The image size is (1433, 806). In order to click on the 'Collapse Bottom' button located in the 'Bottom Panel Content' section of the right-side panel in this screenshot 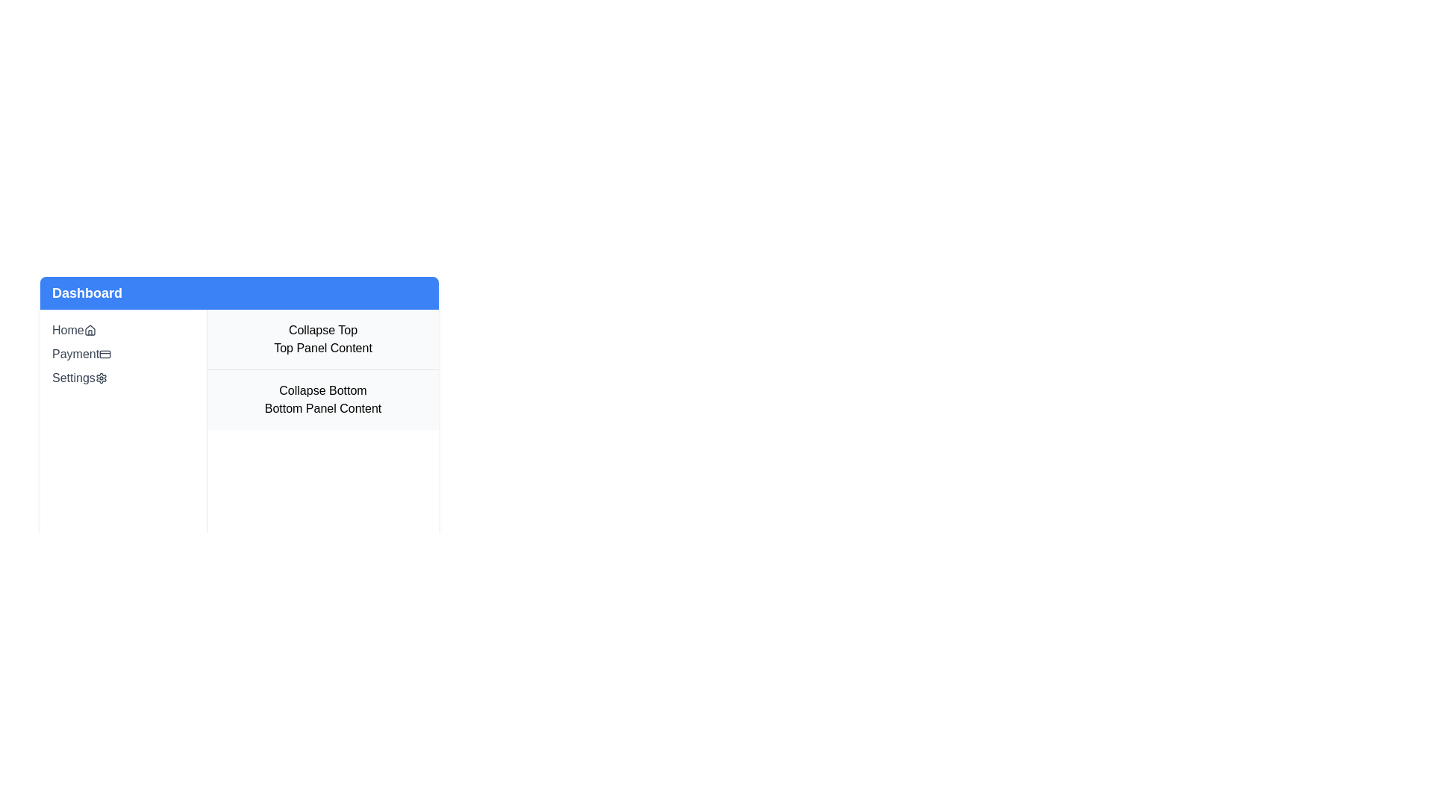, I will do `click(322, 390)`.